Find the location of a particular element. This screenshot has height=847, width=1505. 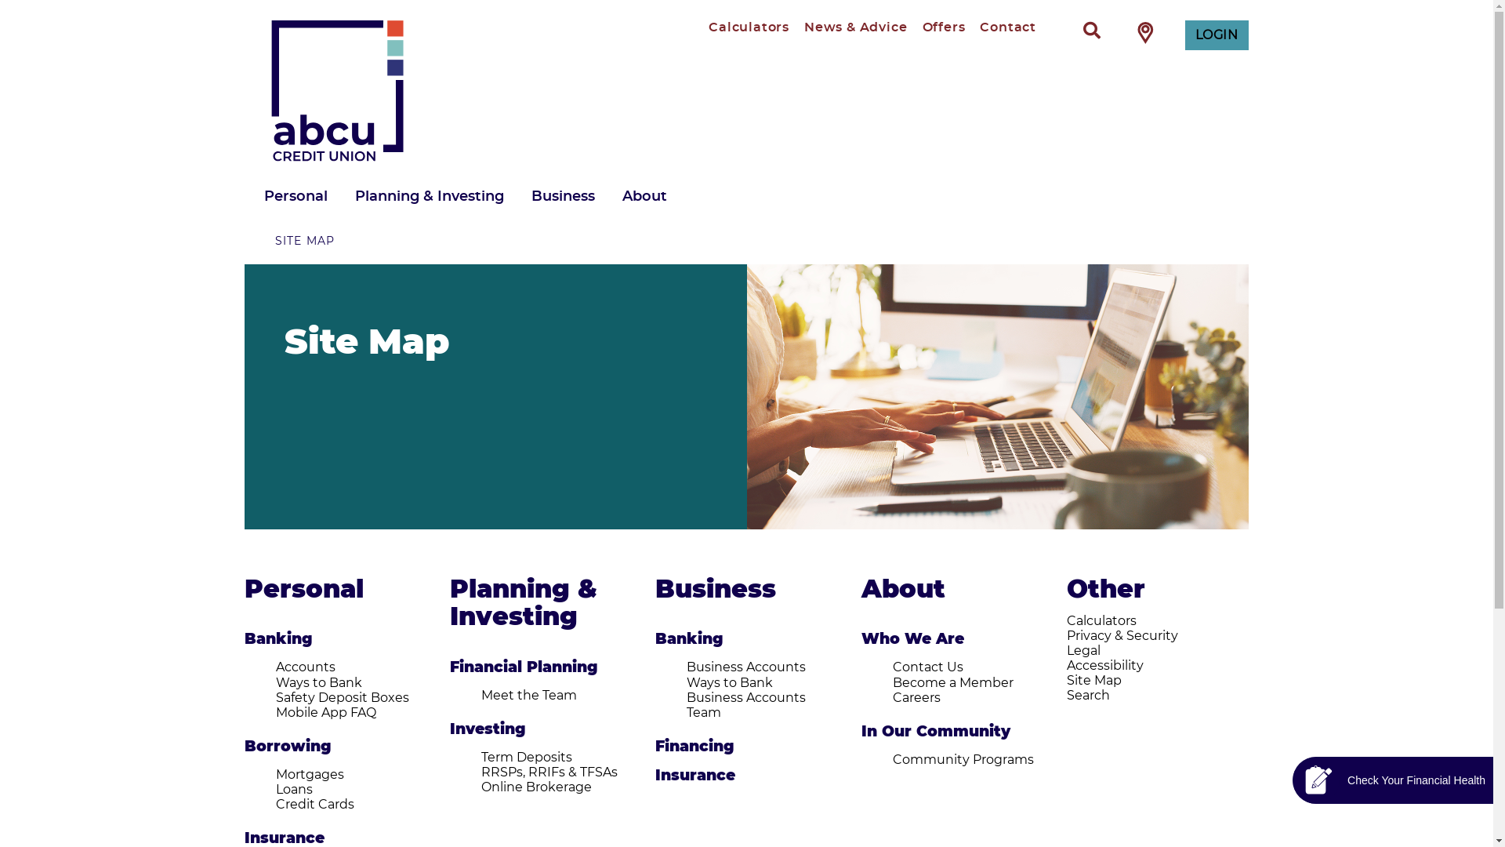

'Borrowing' is located at coordinates (288, 746).